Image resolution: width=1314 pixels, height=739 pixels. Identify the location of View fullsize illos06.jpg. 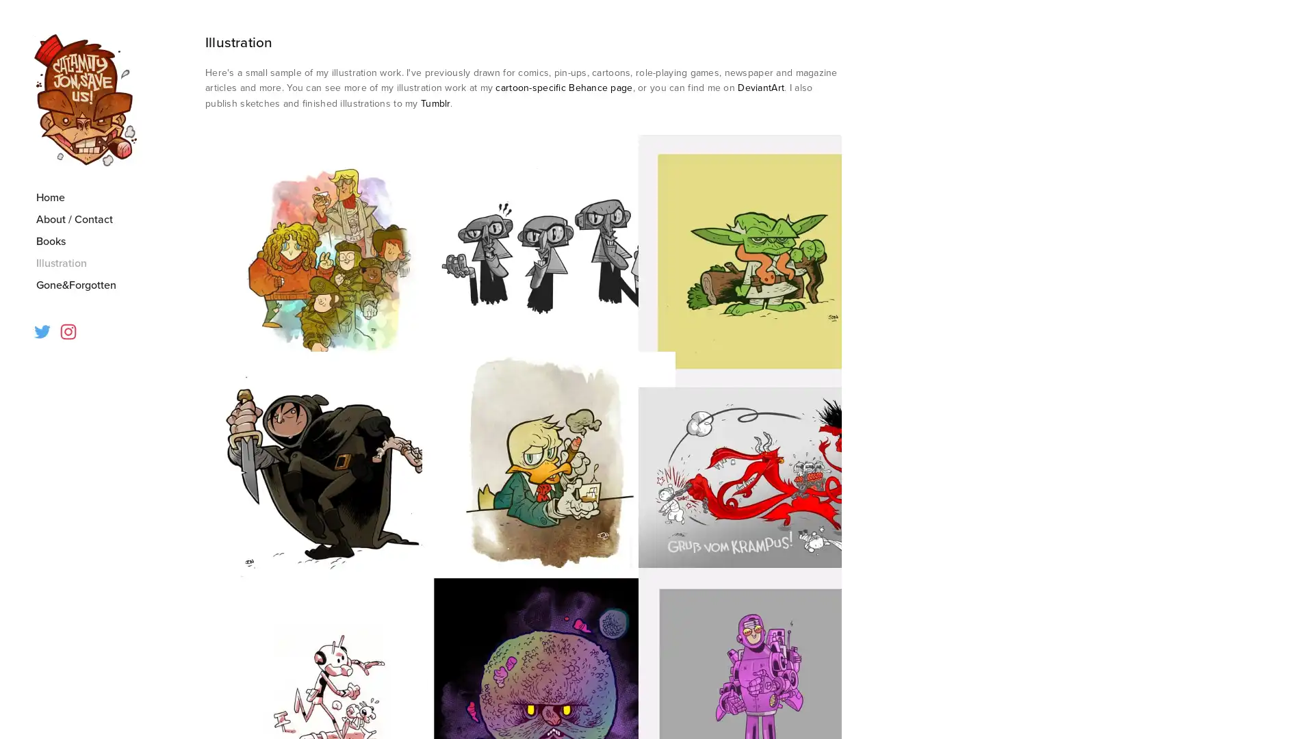
(738, 452).